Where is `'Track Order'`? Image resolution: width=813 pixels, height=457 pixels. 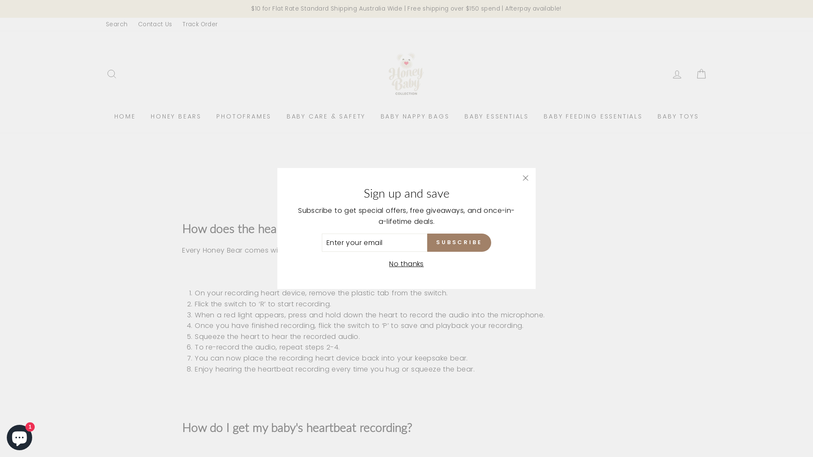 'Track Order' is located at coordinates (178, 24).